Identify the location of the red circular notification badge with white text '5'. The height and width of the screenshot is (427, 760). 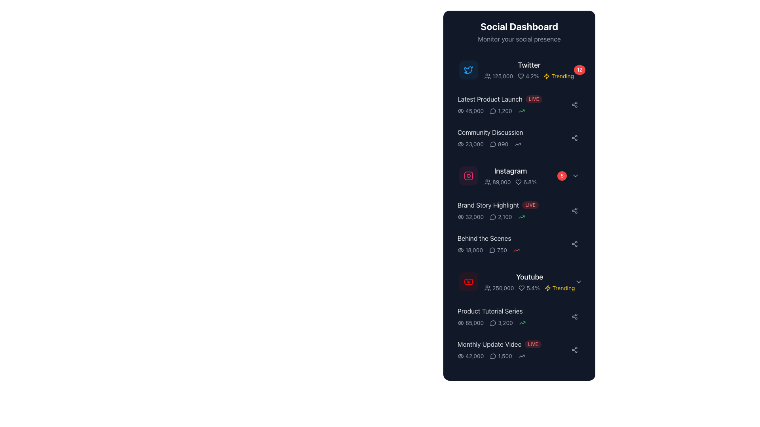
(568, 175).